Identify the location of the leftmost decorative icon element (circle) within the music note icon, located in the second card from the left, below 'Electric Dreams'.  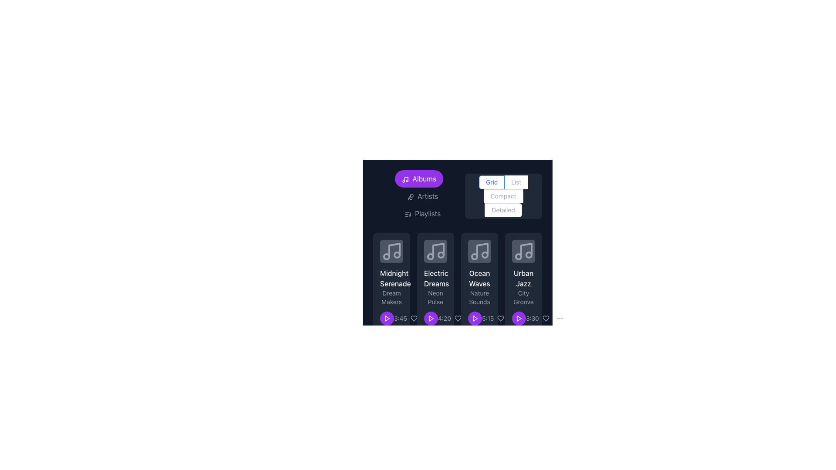
(430, 256).